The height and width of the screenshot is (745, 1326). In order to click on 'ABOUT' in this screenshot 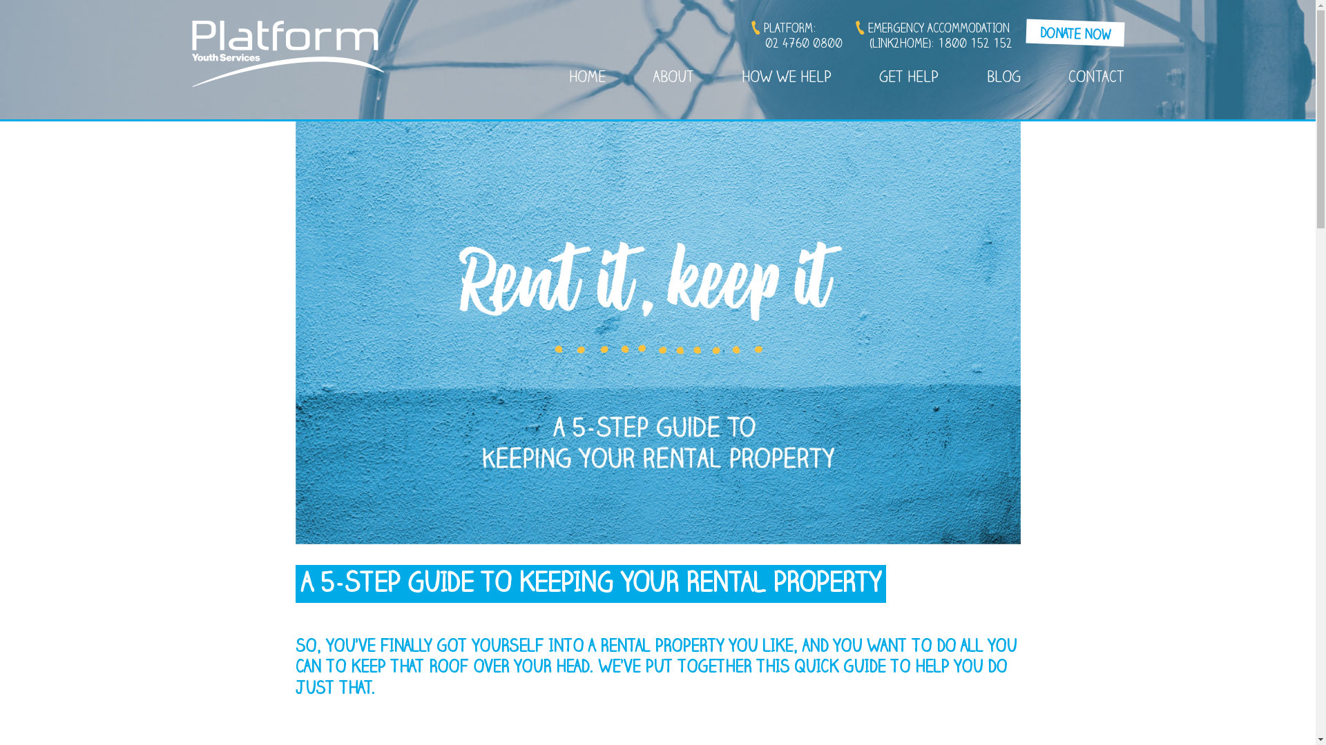, I will do `click(673, 79)`.